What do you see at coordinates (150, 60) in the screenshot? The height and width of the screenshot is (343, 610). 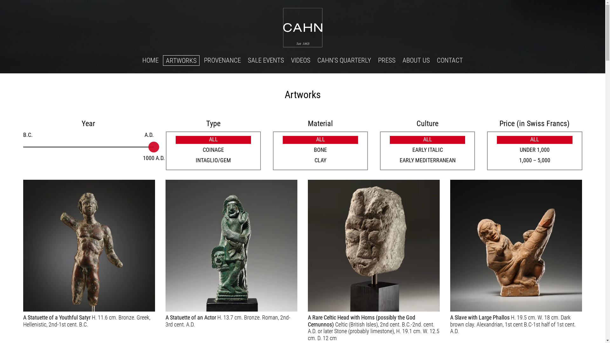 I see `'HOME'` at bounding box center [150, 60].